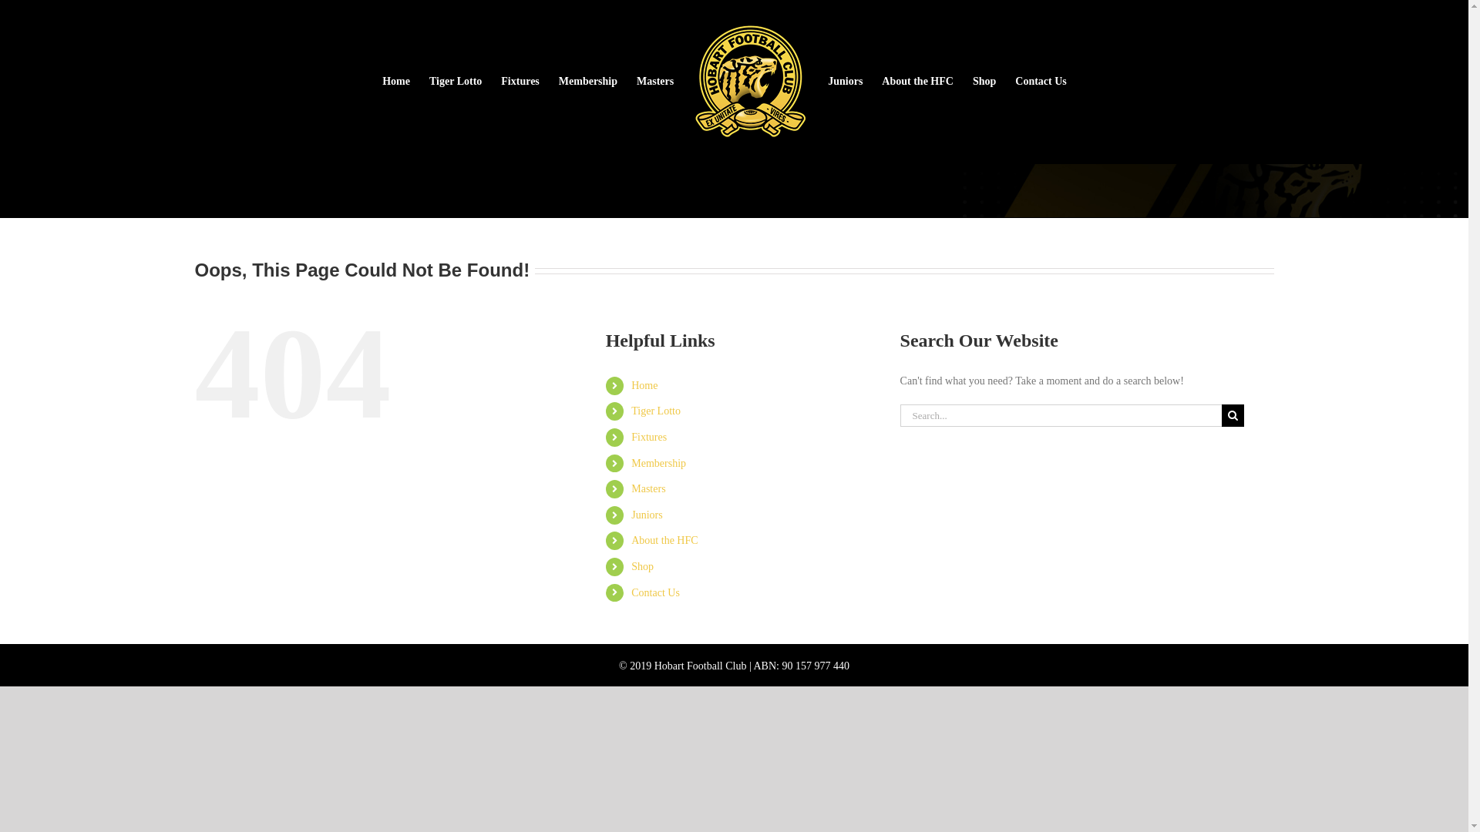 This screenshot has height=832, width=1480. Describe the element at coordinates (587, 81) in the screenshot. I see `'Membership'` at that location.